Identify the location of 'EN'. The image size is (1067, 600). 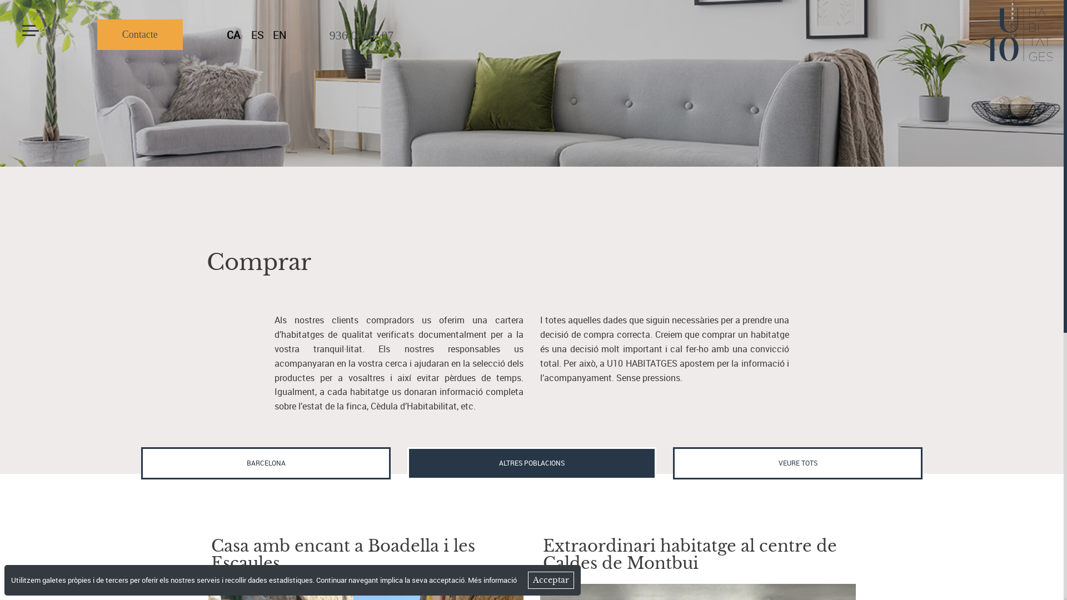
(280, 34).